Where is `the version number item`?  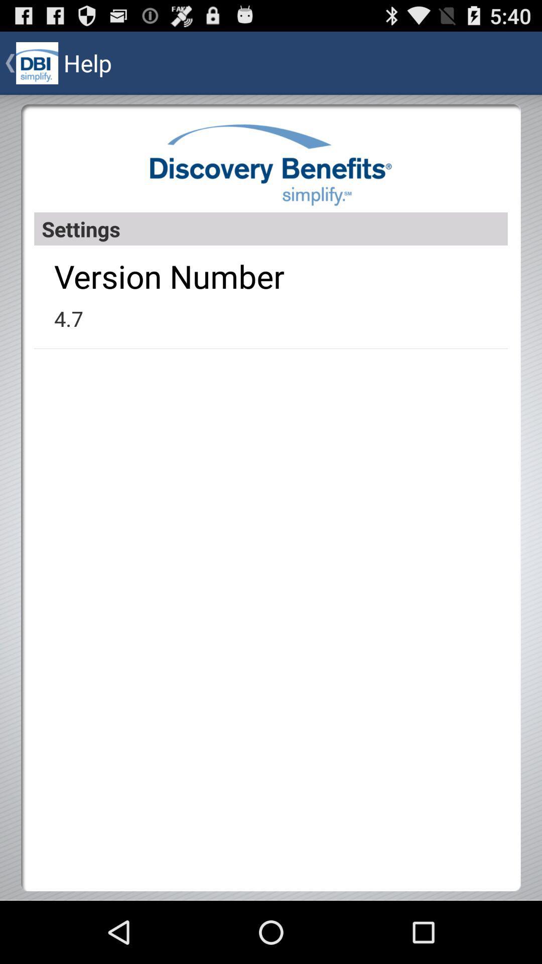
the version number item is located at coordinates (169, 276).